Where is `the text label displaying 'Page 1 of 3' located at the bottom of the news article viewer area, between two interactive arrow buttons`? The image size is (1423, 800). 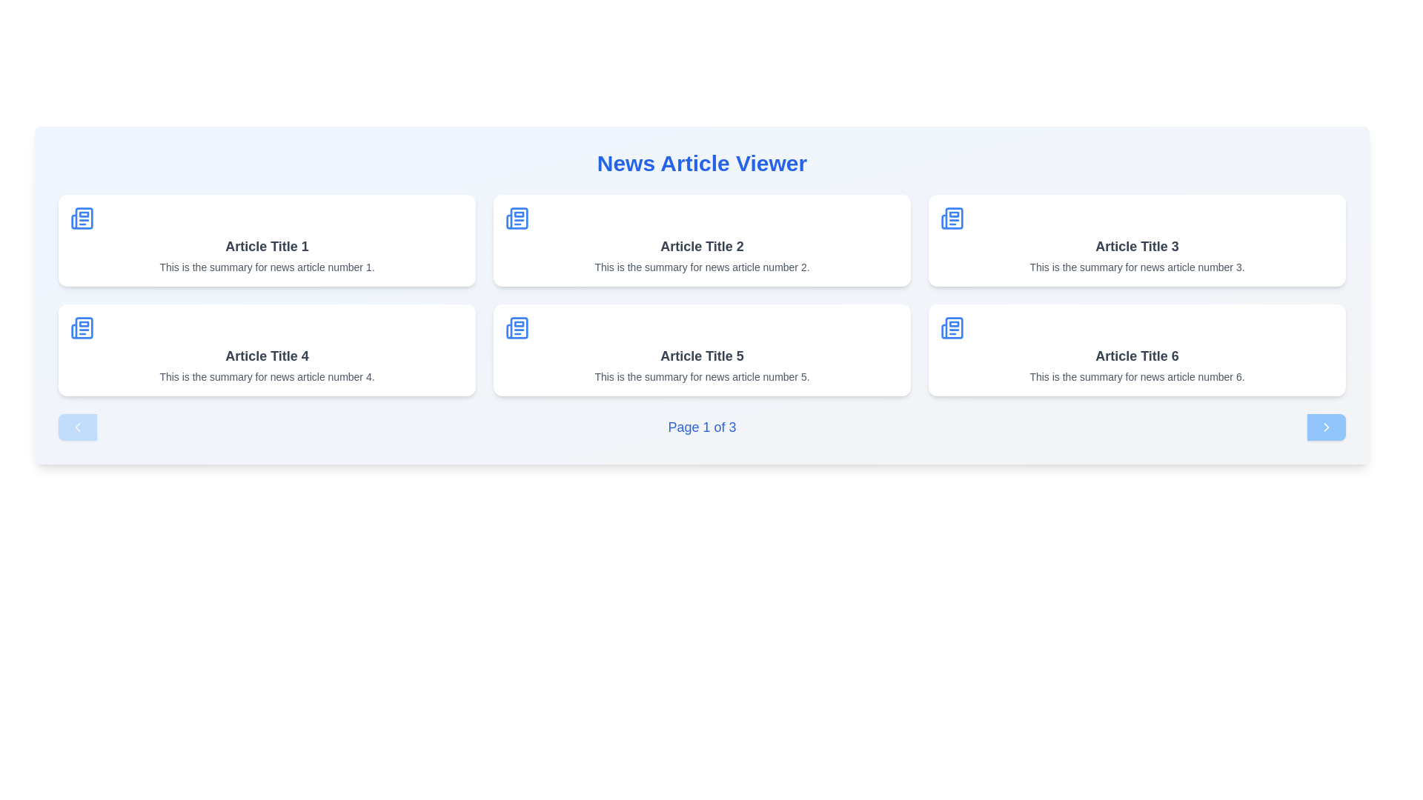 the text label displaying 'Page 1 of 3' located at the bottom of the news article viewer area, between two interactive arrow buttons is located at coordinates (701, 427).